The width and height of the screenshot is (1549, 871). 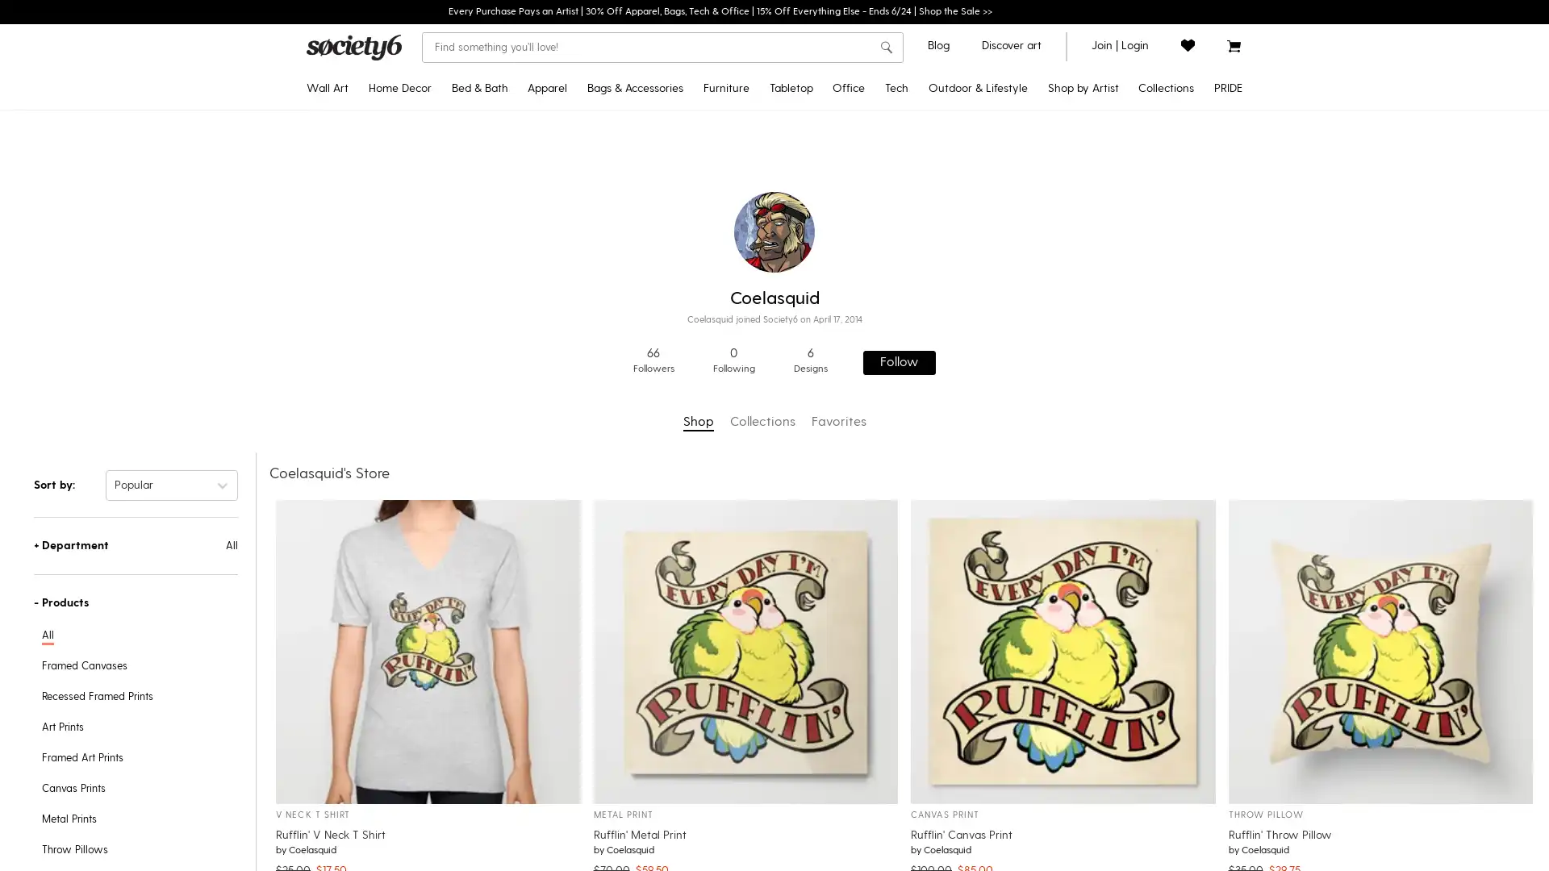 I want to click on Yoga & Mindfulness, so click(x=1106, y=390).